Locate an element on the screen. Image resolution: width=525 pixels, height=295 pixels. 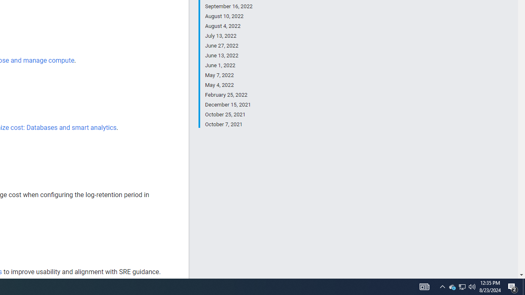
'October 25, 2021' is located at coordinates (228, 115).